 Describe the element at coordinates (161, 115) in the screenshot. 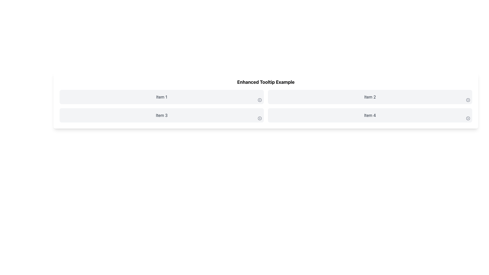

I see `the information card for 'Item 3', located in the bottom-left cell of a two-column grid layout, which reveals more details about the item` at that location.